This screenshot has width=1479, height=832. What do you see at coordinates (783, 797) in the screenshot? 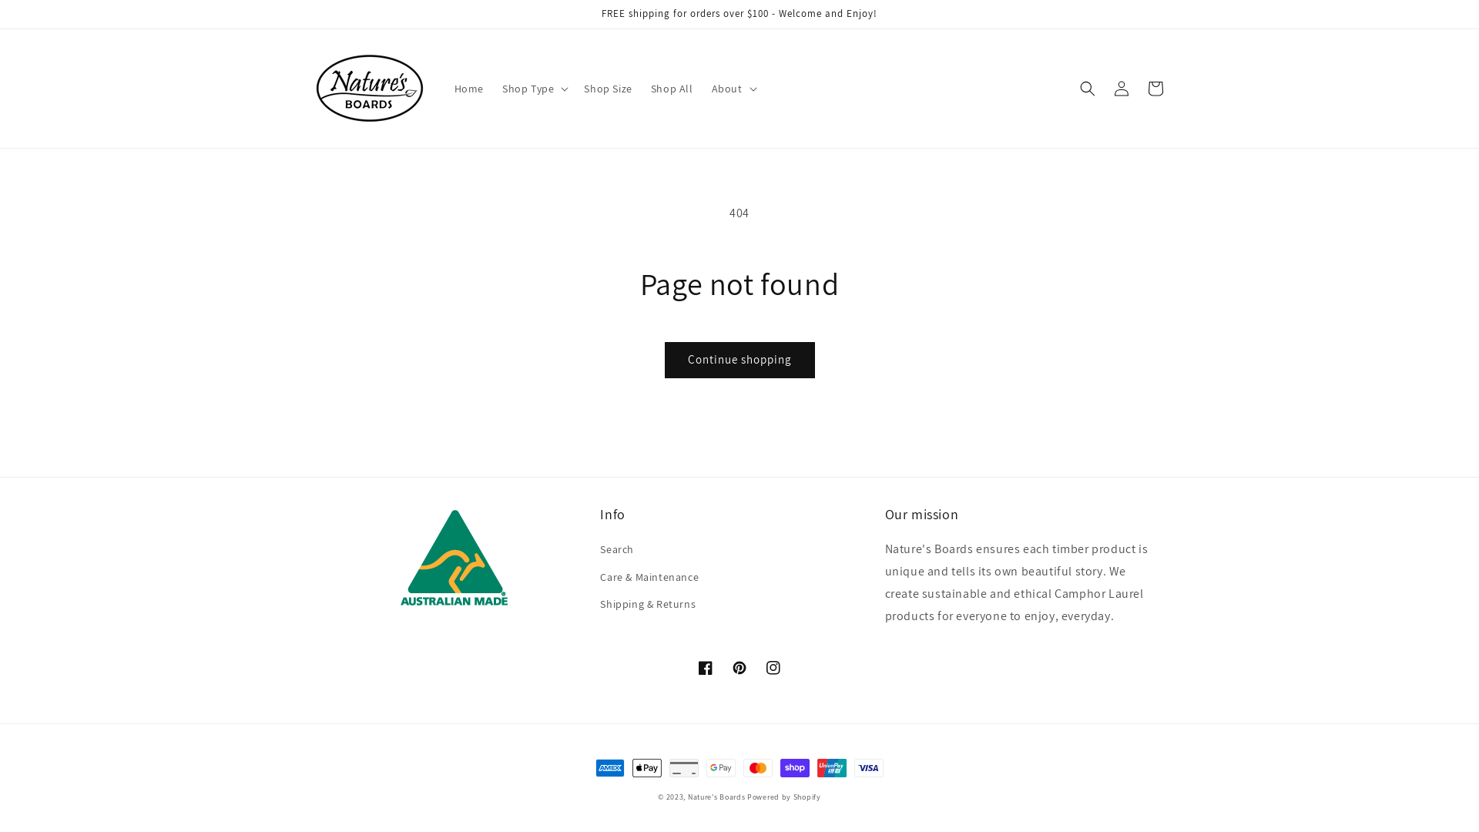
I see `'Powered by Shopify'` at bounding box center [783, 797].